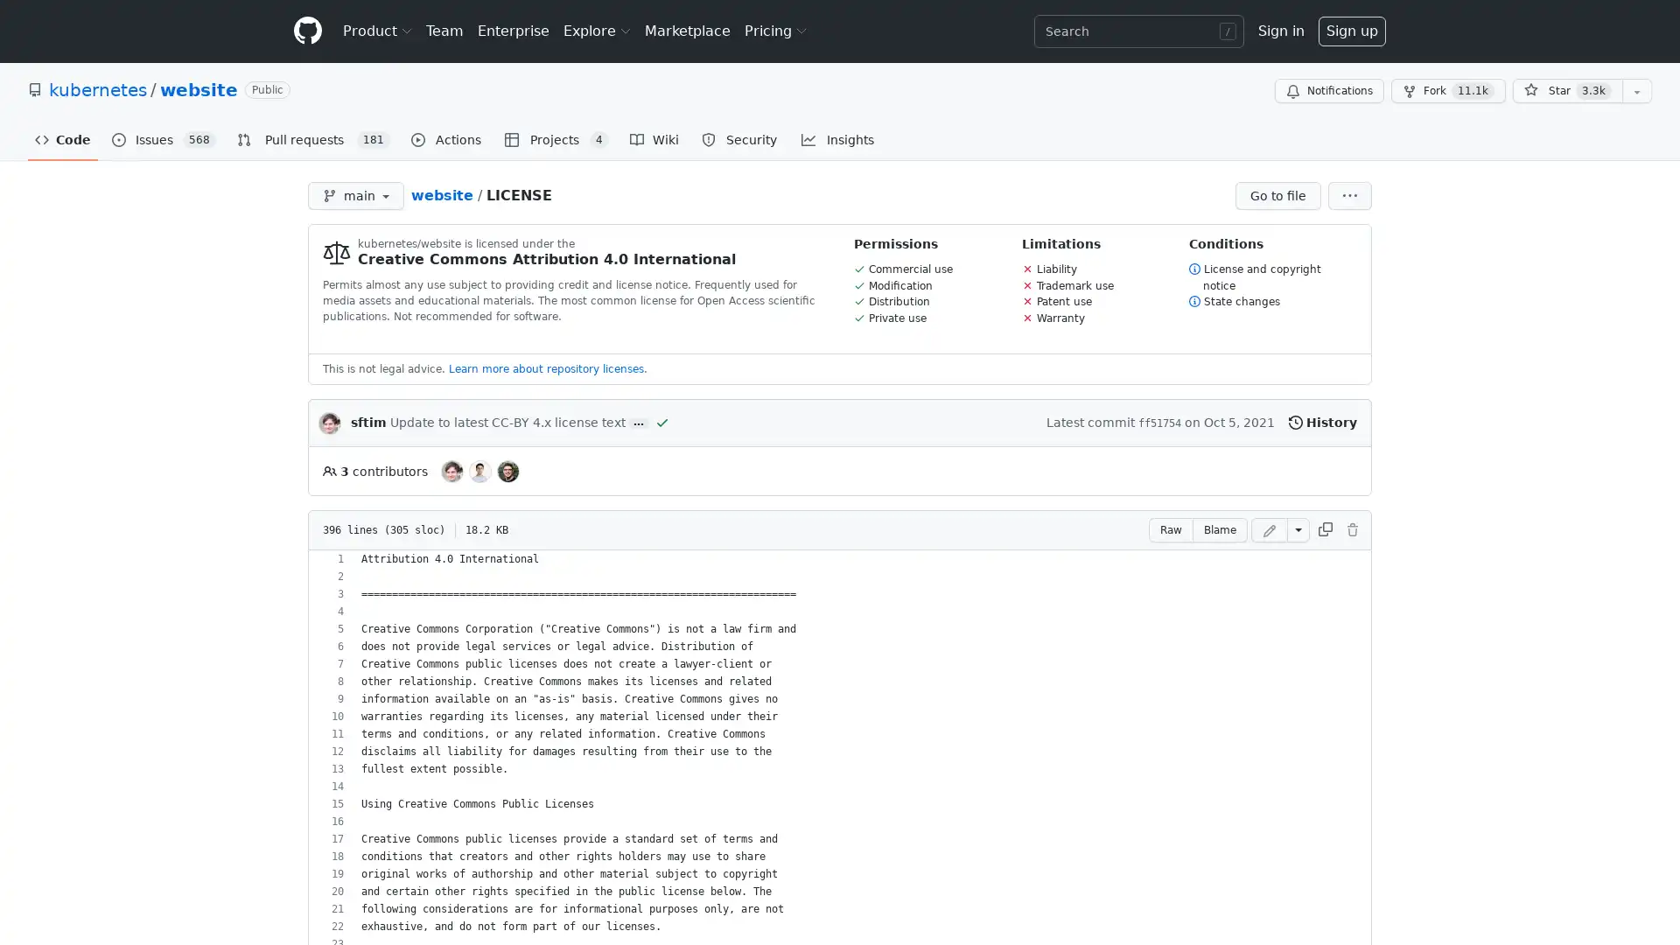  Describe the element at coordinates (637, 423) in the screenshot. I see `...` at that location.